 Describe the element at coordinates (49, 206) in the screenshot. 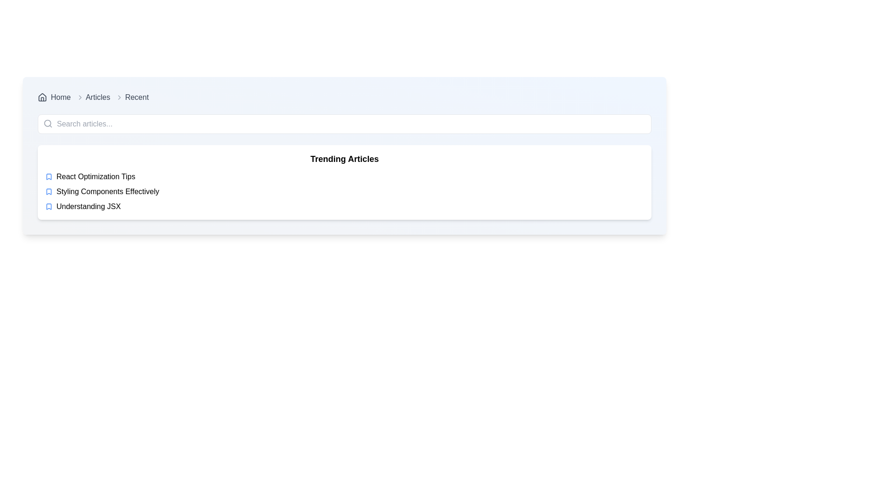

I see `the bookmark icon, which is the first leftmost element within the 'Understanding JSX' item under the 'Trending Articles' section` at that location.